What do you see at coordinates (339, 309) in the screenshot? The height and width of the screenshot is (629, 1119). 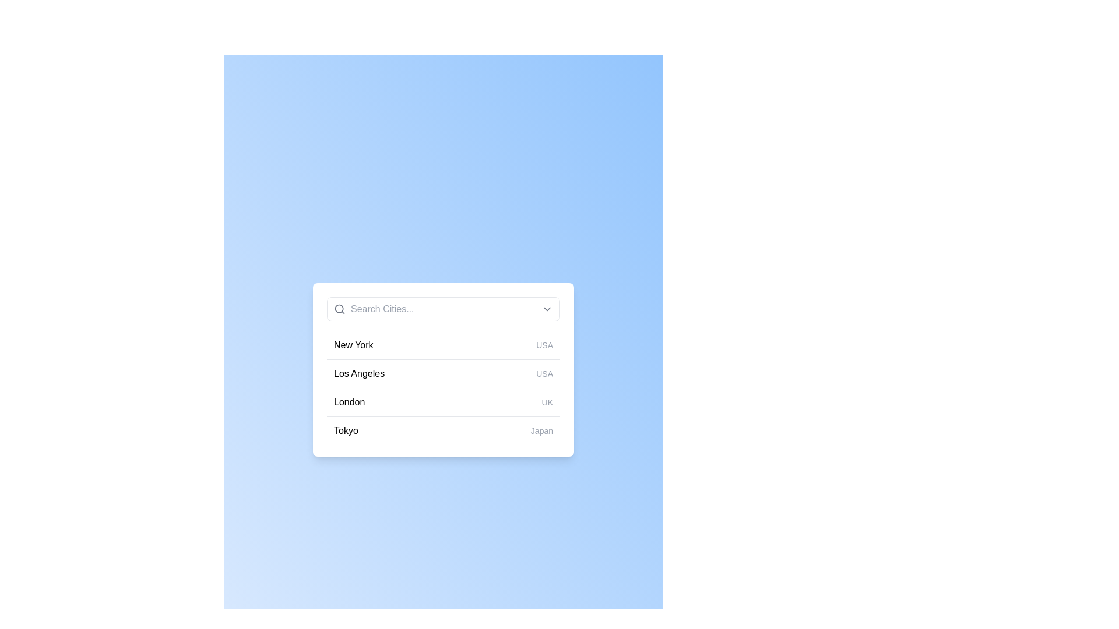 I see `the magnifying glass icon associated with search functionality, which is gray in color and located to the left of the 'Search Cities...' text input box` at bounding box center [339, 309].